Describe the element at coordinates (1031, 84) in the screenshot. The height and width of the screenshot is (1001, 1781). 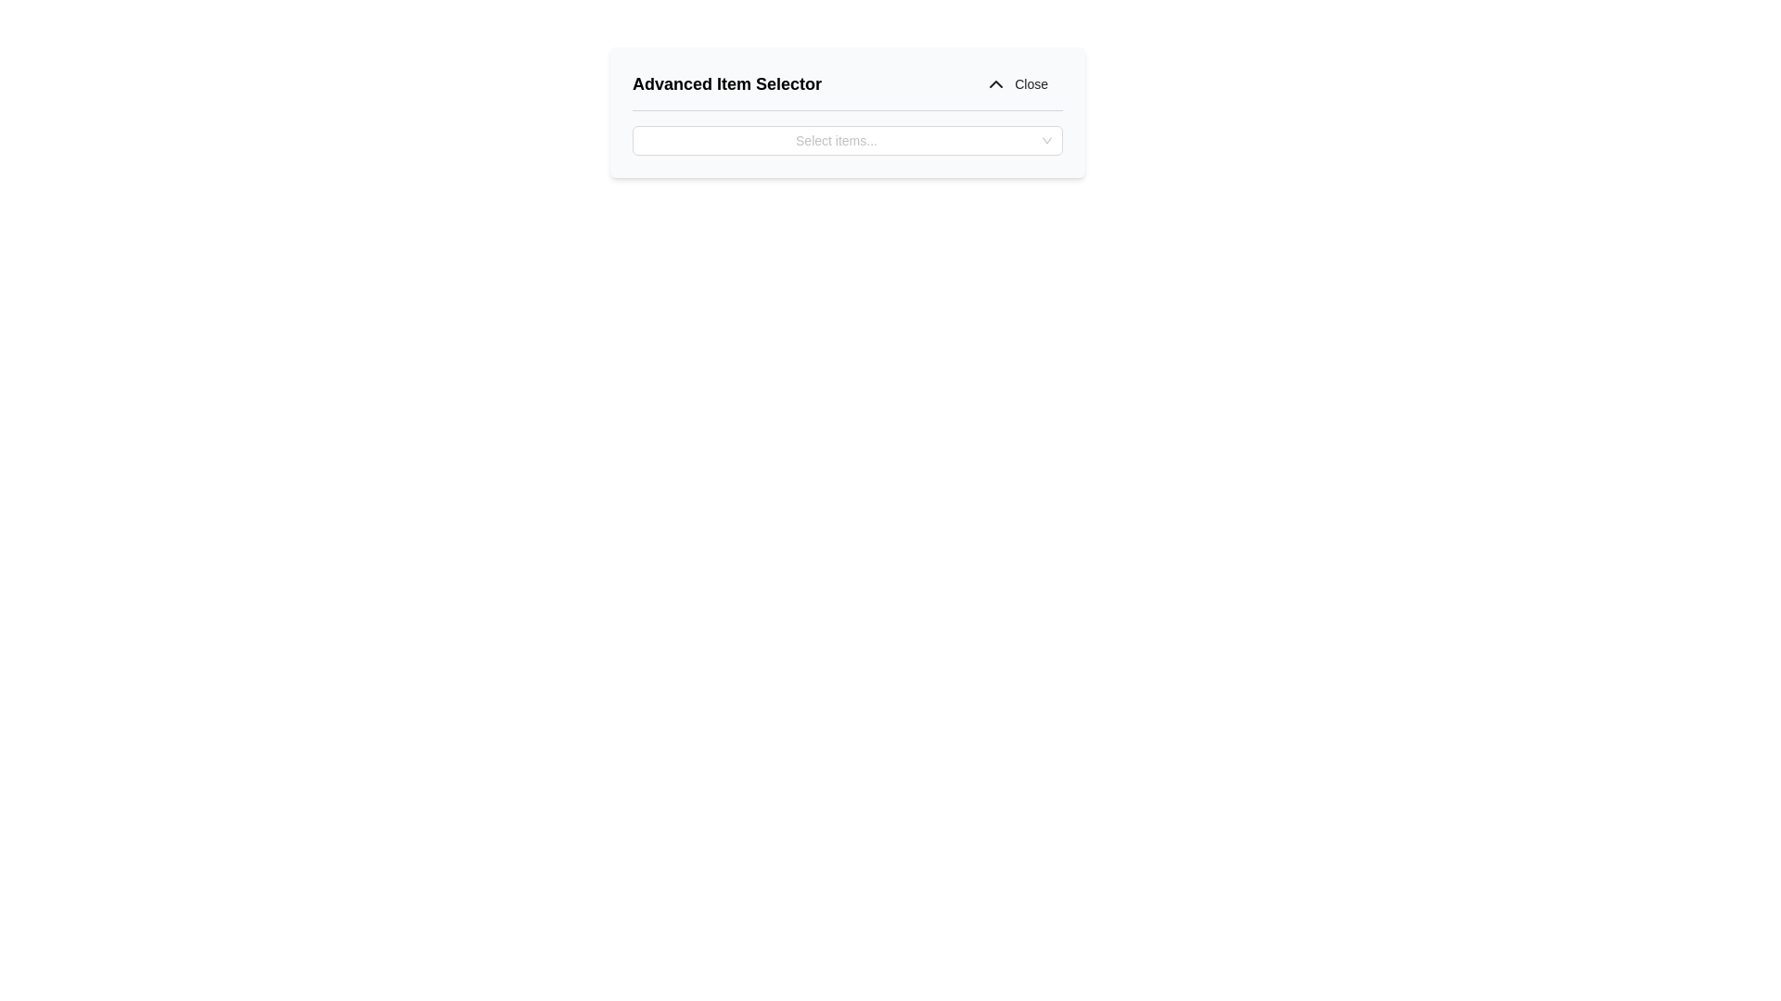
I see `the close button labeled within the 'Advanced Item Selector' interface for keyboard navigation` at that location.